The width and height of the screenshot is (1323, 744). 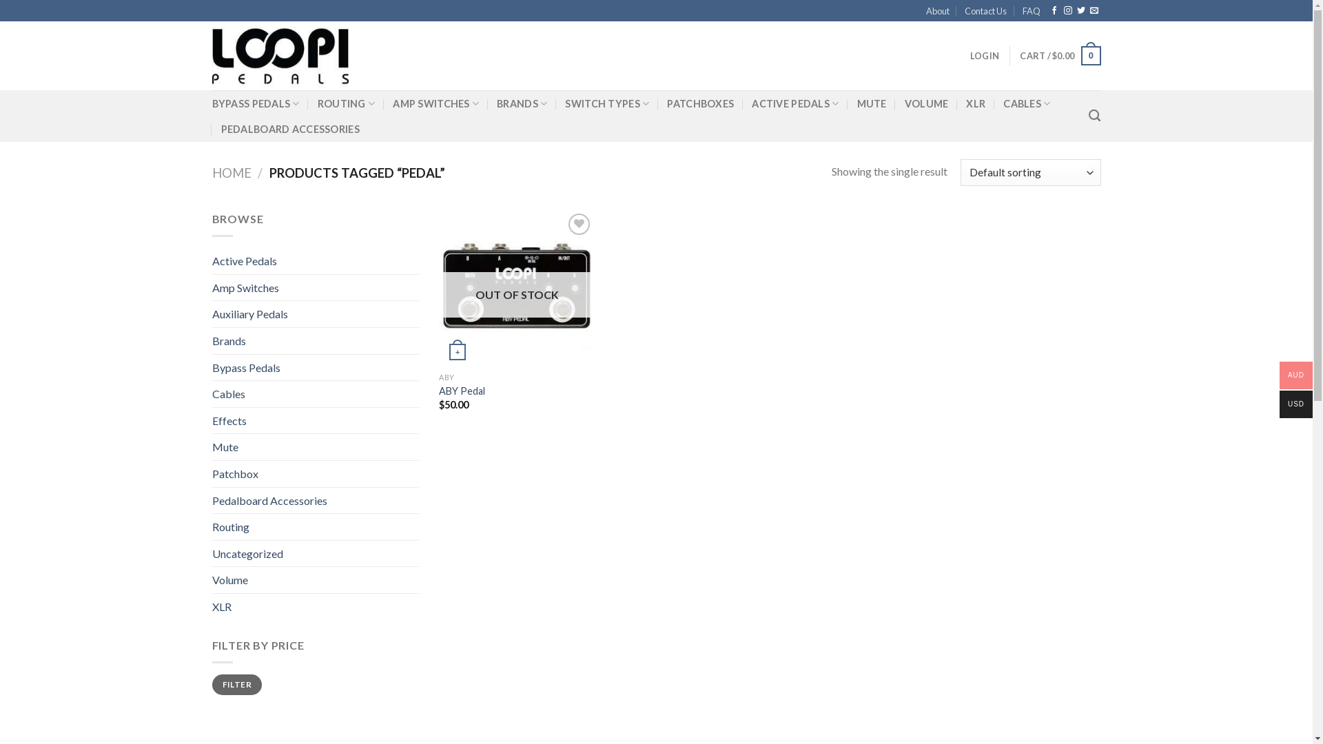 What do you see at coordinates (606, 103) in the screenshot?
I see `'SWITCH TYPES'` at bounding box center [606, 103].